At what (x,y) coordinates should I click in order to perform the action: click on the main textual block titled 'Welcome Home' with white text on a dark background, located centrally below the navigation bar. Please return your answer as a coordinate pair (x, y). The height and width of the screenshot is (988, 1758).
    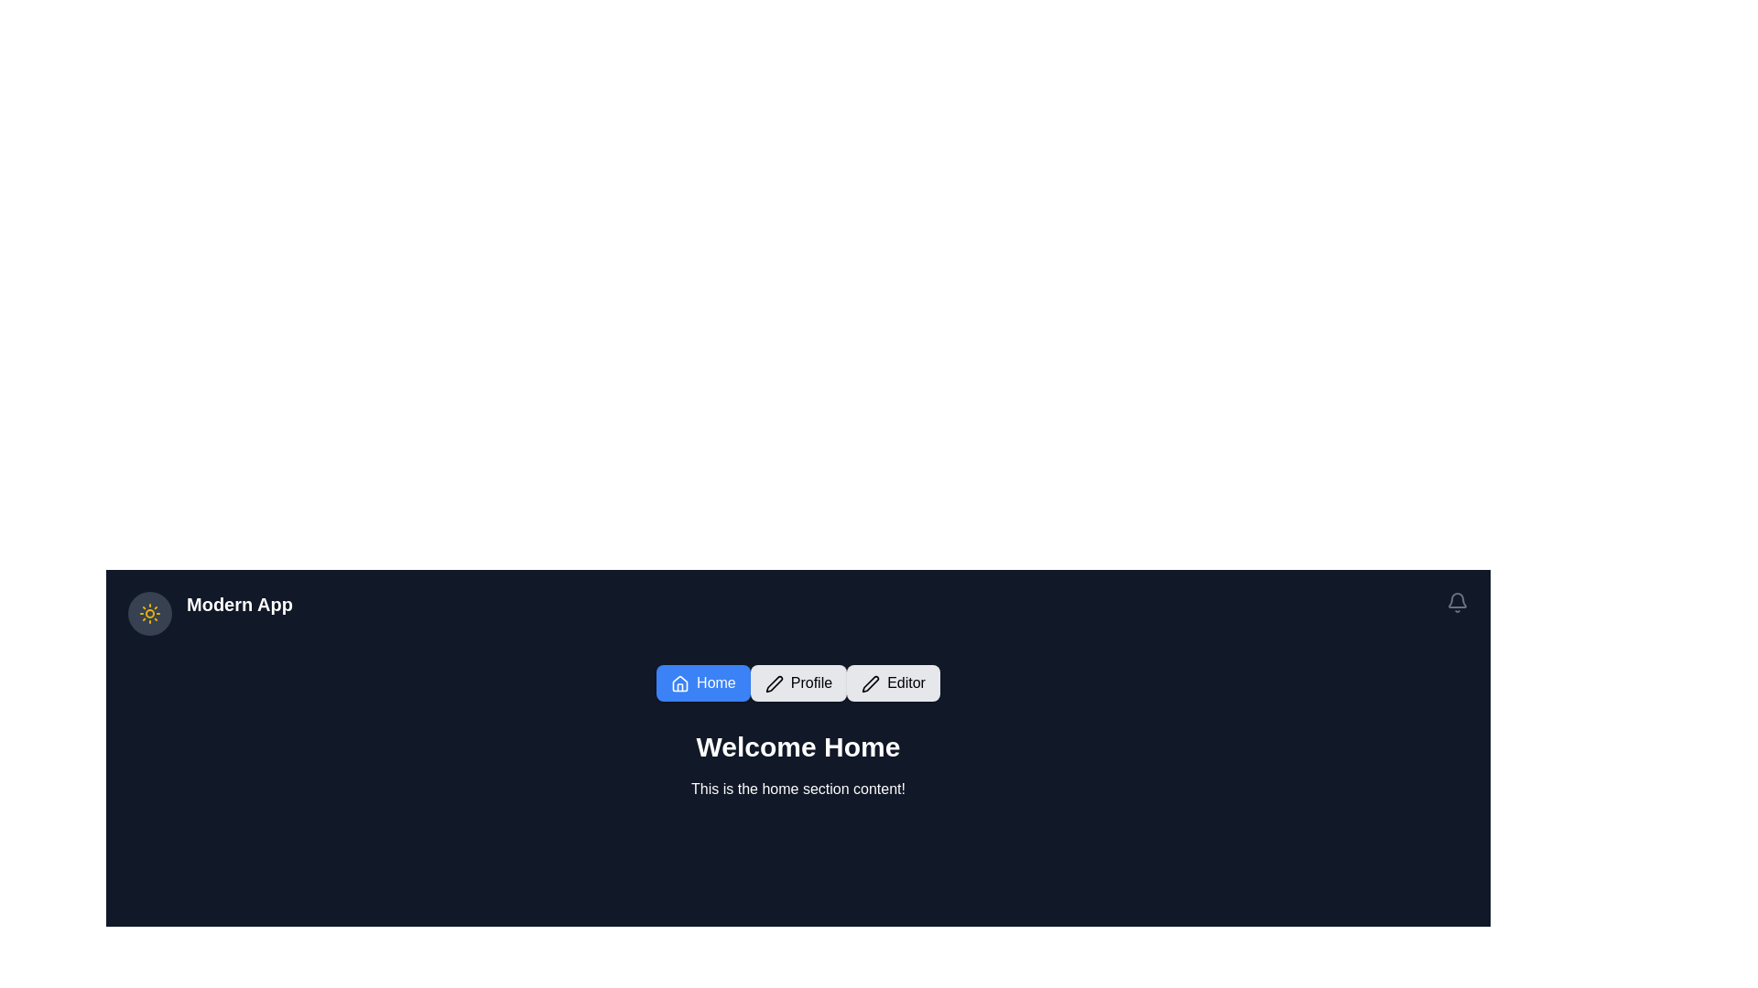
    Looking at the image, I should click on (798, 766).